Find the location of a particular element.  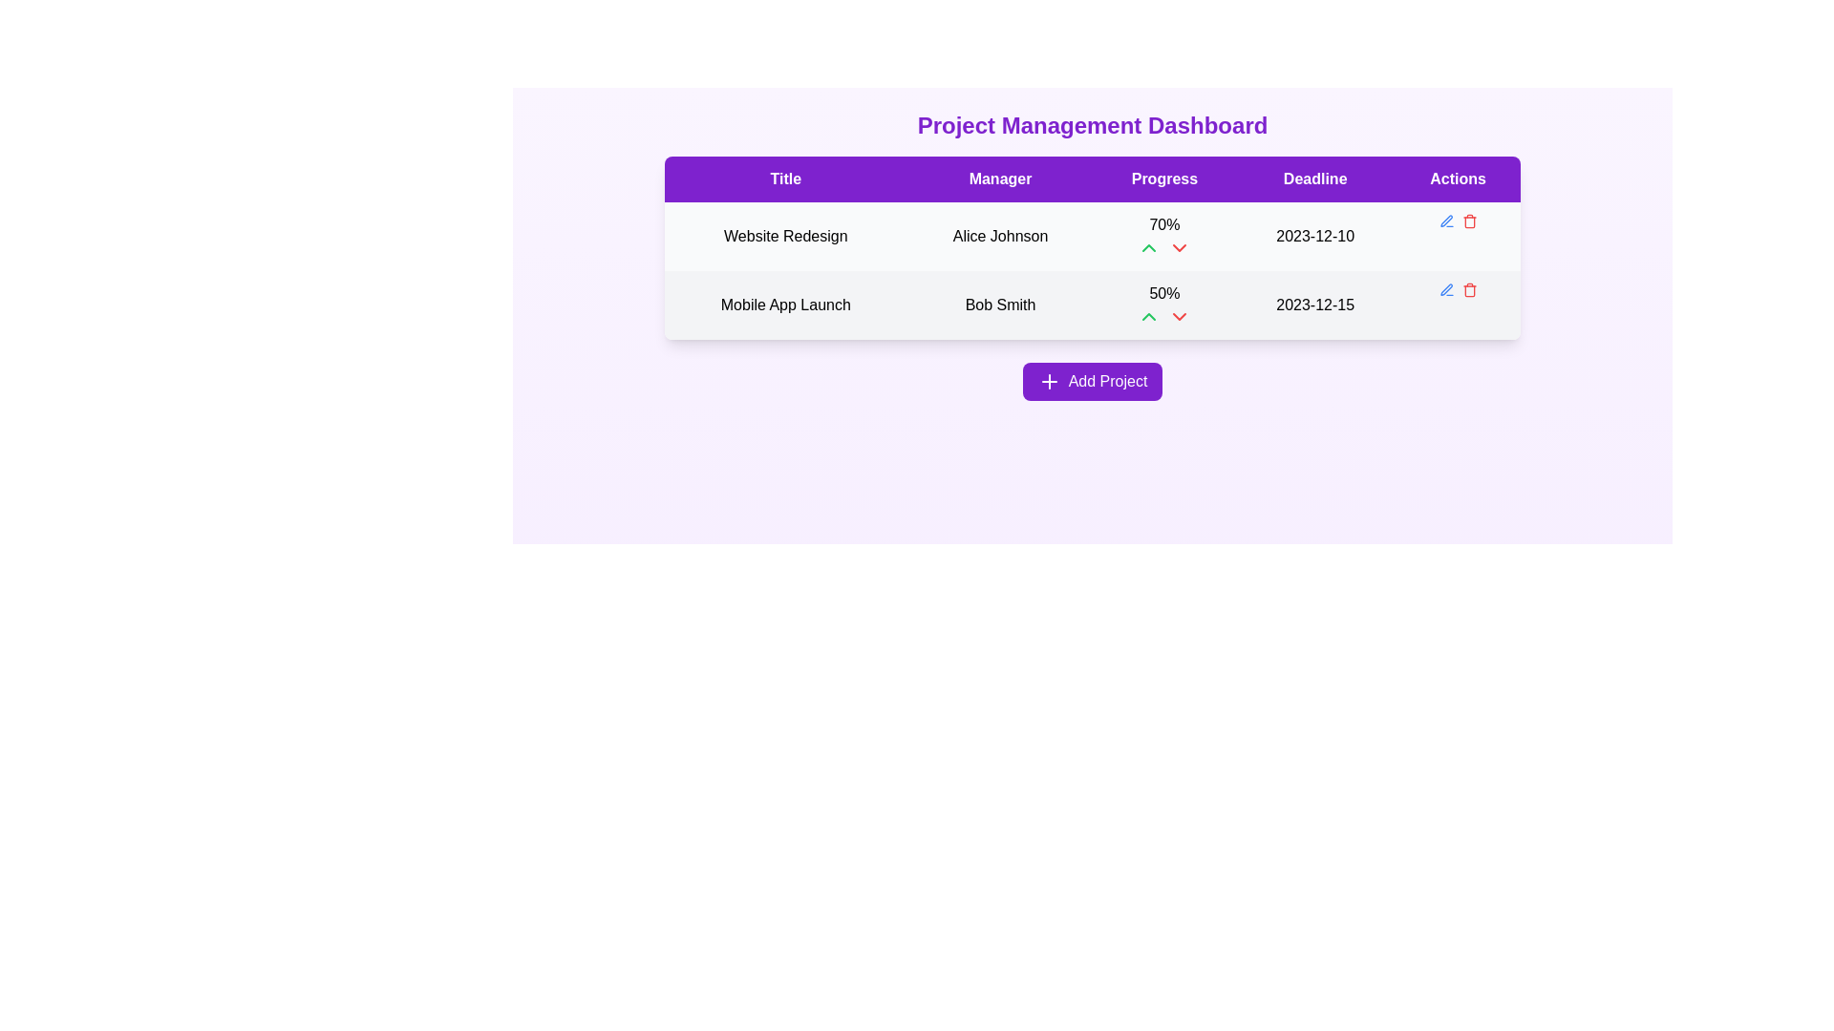

the static text label indicating the title of a project in the first row, first column of the project management dashboard is located at coordinates (785, 235).